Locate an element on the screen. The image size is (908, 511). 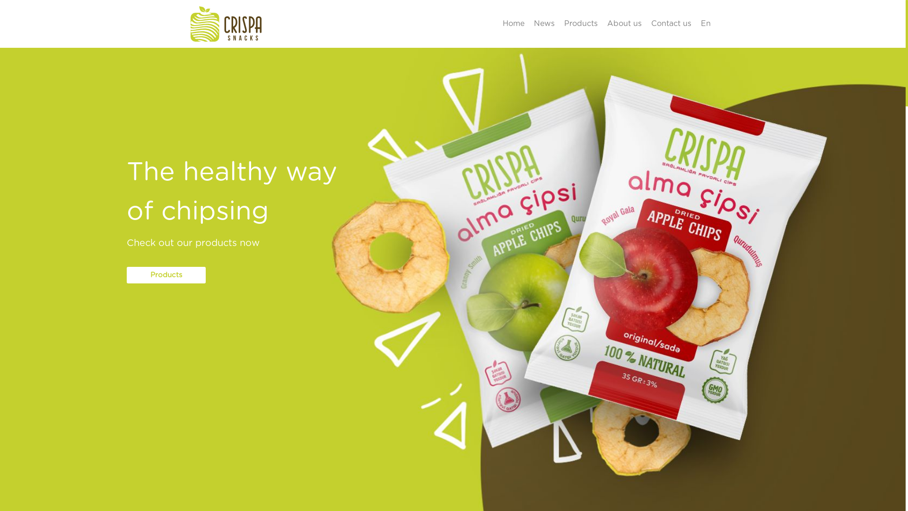
'About us' is located at coordinates (602, 23).